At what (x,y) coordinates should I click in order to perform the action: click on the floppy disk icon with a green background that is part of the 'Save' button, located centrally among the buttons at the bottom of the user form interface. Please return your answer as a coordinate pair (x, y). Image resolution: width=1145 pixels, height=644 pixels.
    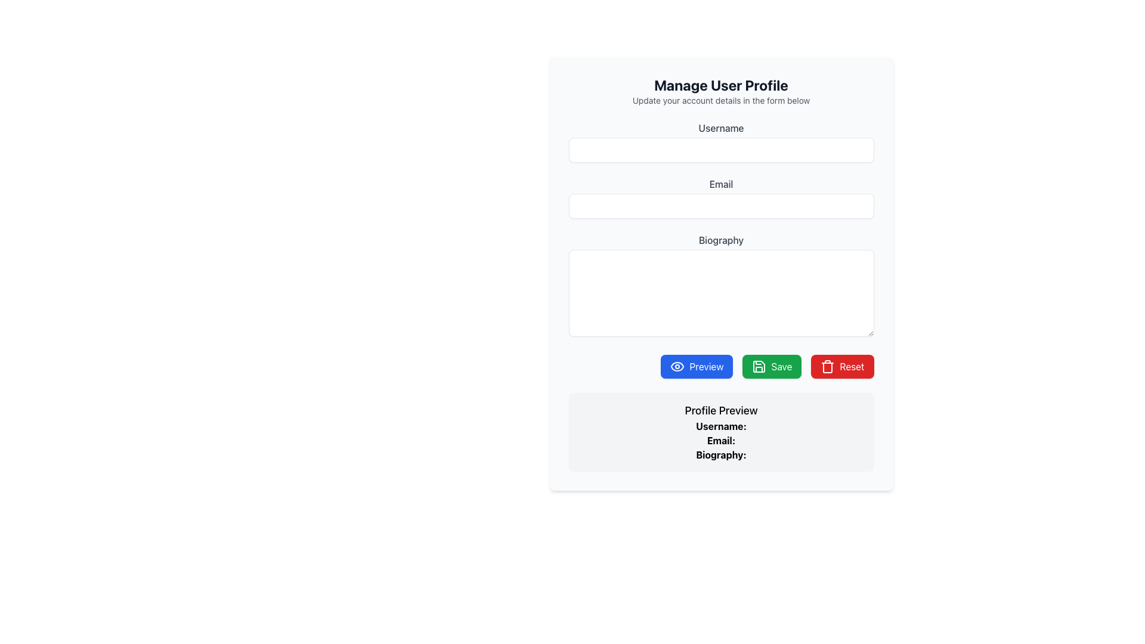
    Looking at the image, I should click on (759, 366).